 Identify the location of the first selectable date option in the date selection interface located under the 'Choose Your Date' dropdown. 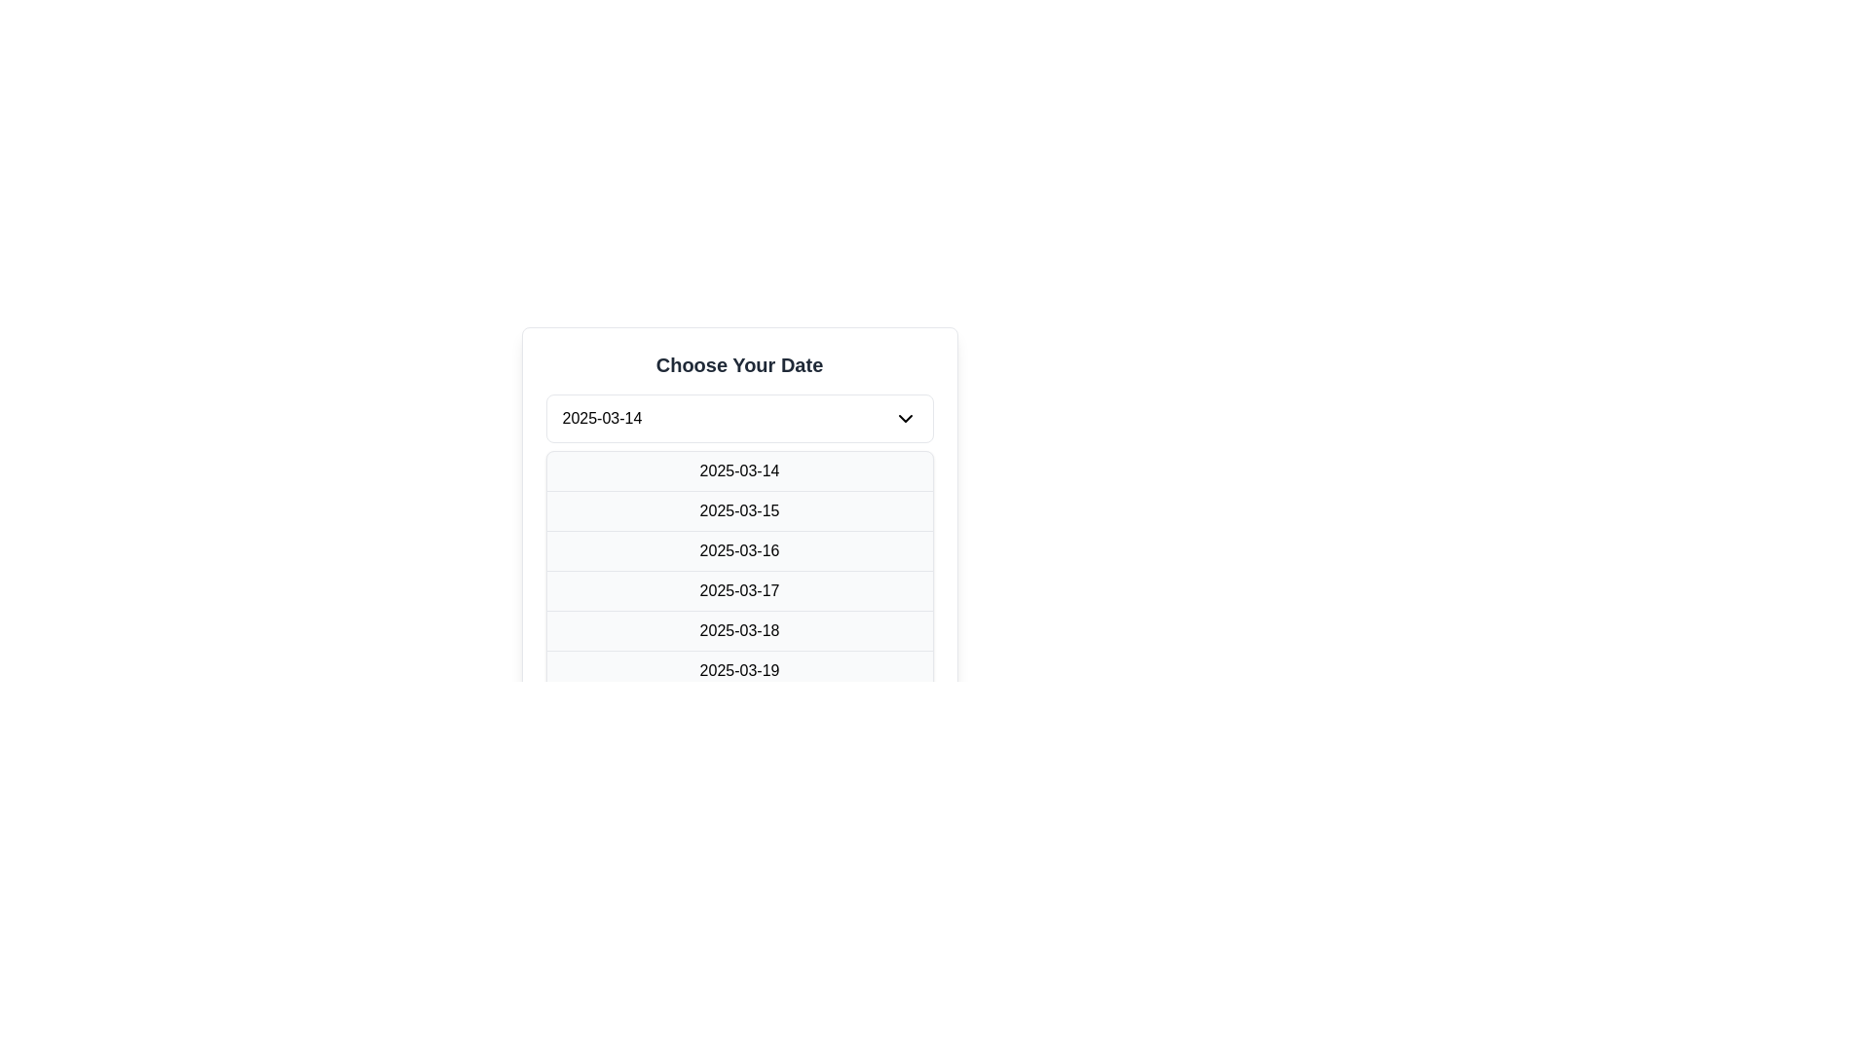
(738, 470).